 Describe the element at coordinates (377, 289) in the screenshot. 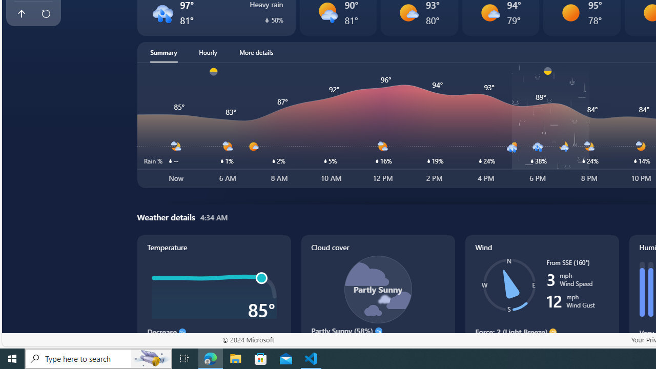

I see `'Class: cloudCoverSvg-DS-ps0R9q'` at that location.